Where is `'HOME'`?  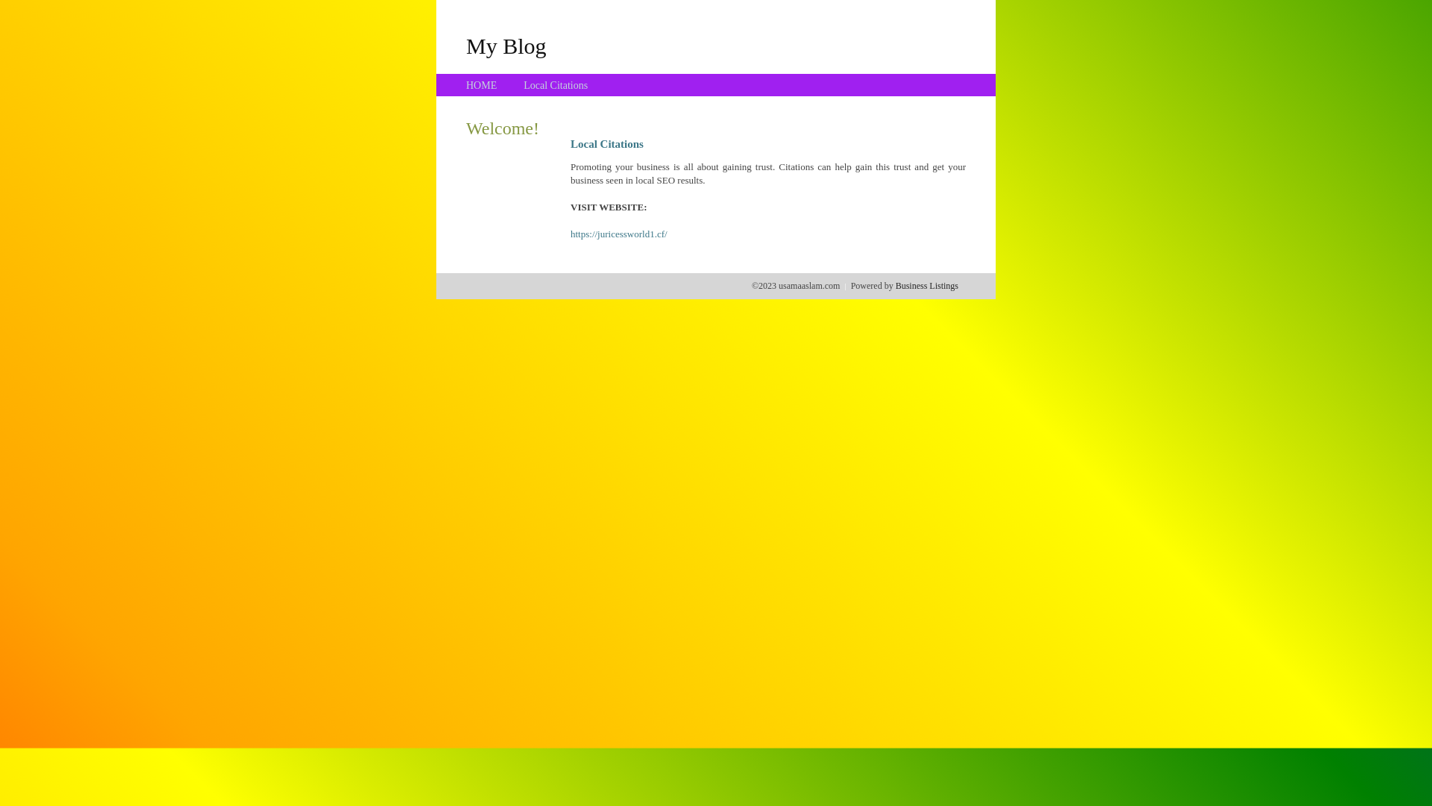 'HOME' is located at coordinates (481, 85).